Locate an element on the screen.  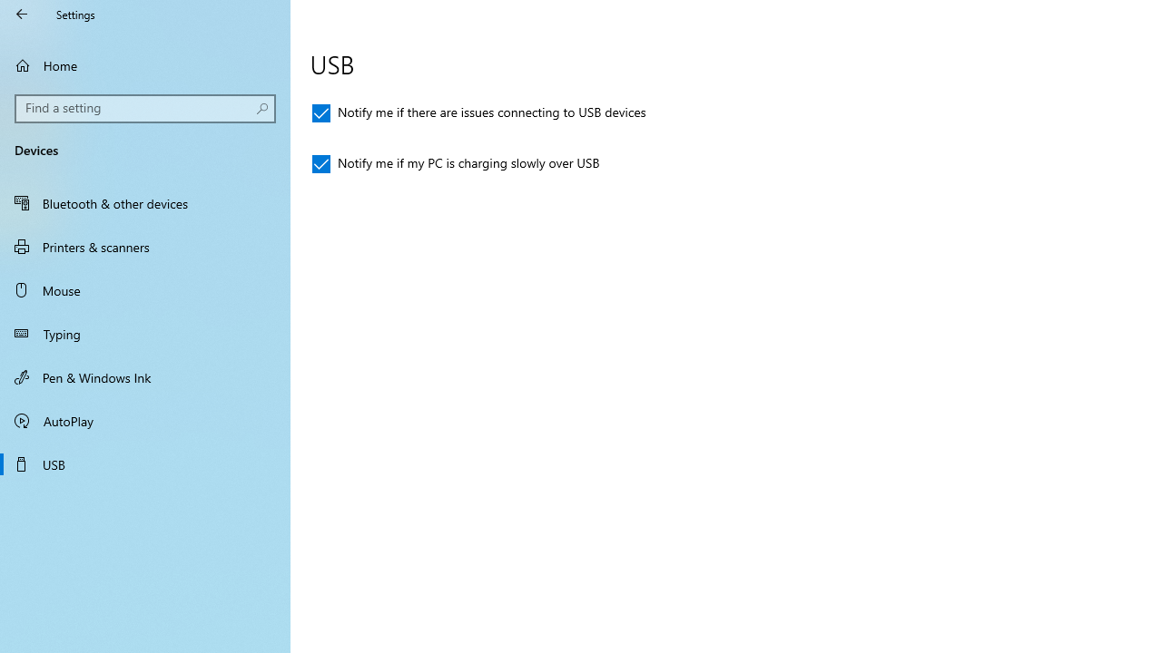
'Printers & scanners' is located at coordinates (145, 246).